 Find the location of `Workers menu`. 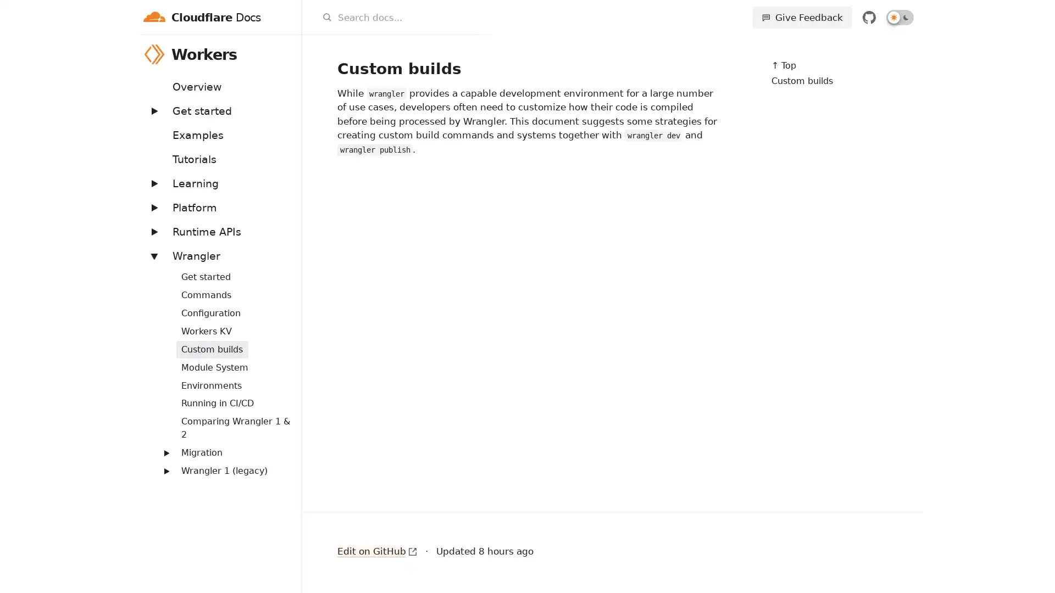

Workers menu is located at coordinates (287, 54).